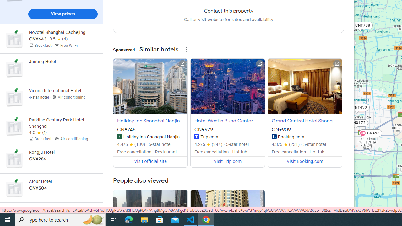 The height and width of the screenshot is (226, 402). Describe the element at coordinates (51, 68) in the screenshot. I see `'Junting Hotel'` at that location.